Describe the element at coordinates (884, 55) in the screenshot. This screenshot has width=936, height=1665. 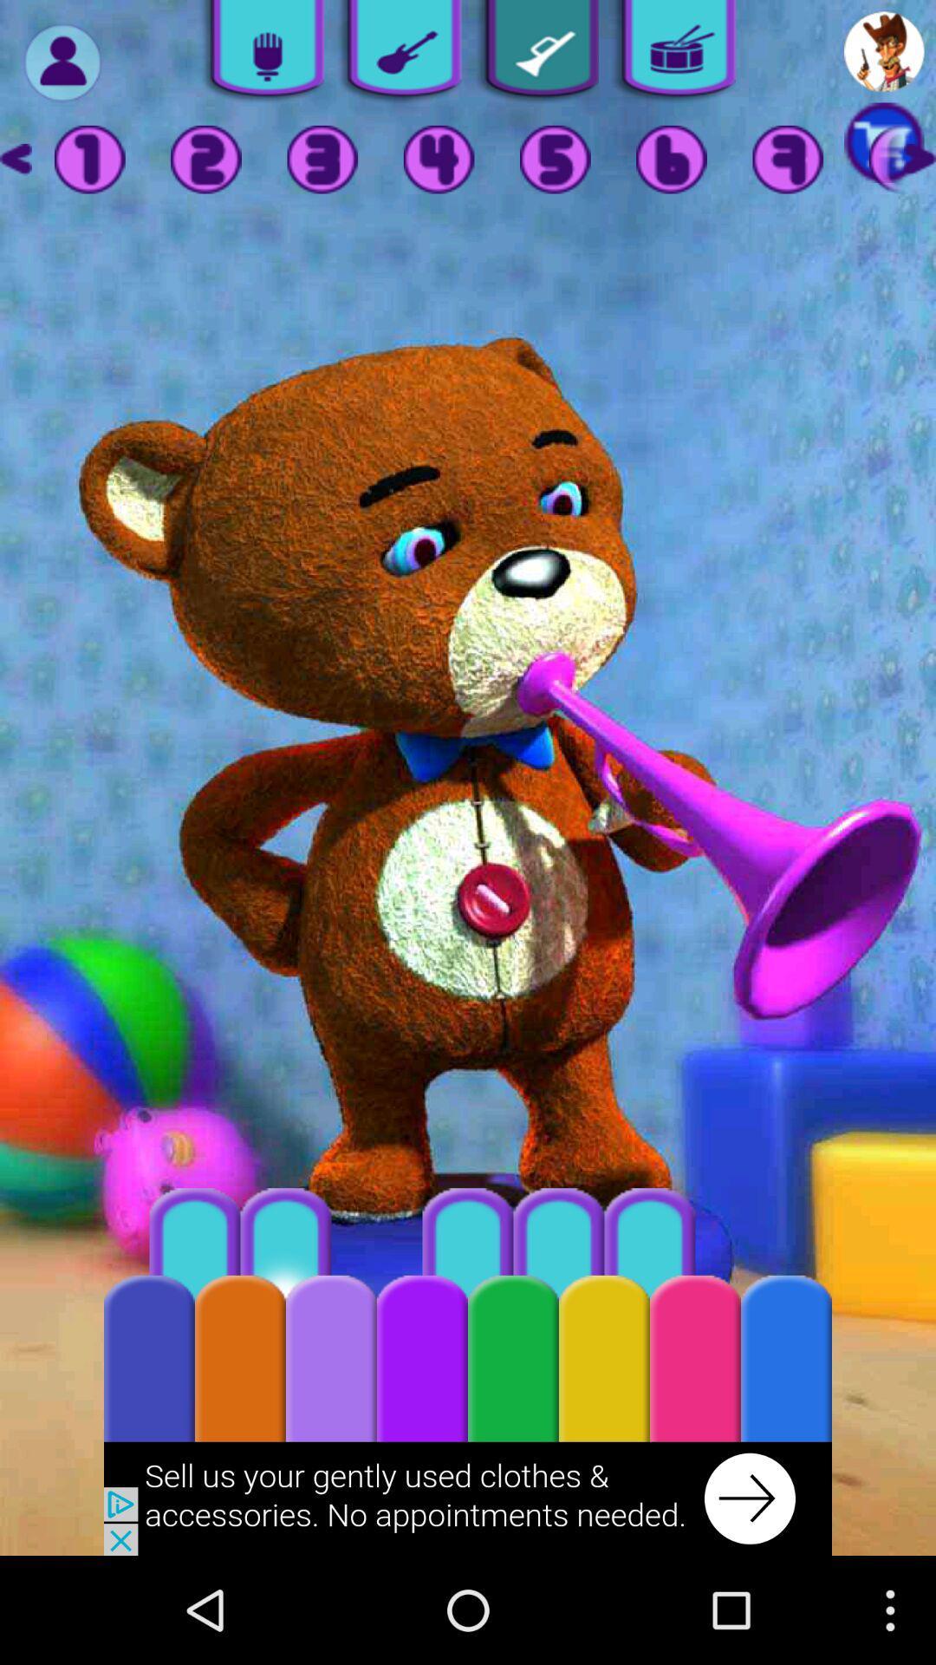
I see `the avatar icon` at that location.